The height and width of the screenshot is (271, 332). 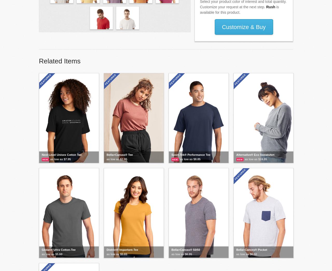 I want to click on 'Gildan® Ultra Cotton-Tee', so click(x=59, y=250).